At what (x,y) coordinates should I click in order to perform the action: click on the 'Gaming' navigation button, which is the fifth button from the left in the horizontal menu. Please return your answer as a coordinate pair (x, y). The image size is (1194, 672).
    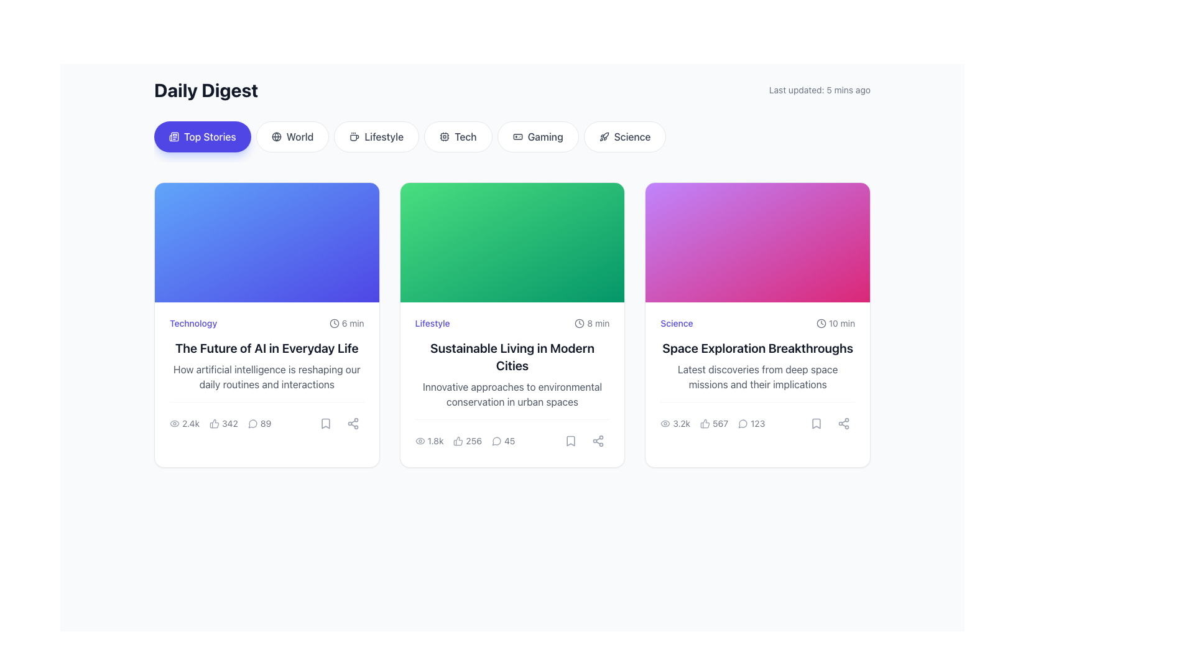
    Looking at the image, I should click on (538, 136).